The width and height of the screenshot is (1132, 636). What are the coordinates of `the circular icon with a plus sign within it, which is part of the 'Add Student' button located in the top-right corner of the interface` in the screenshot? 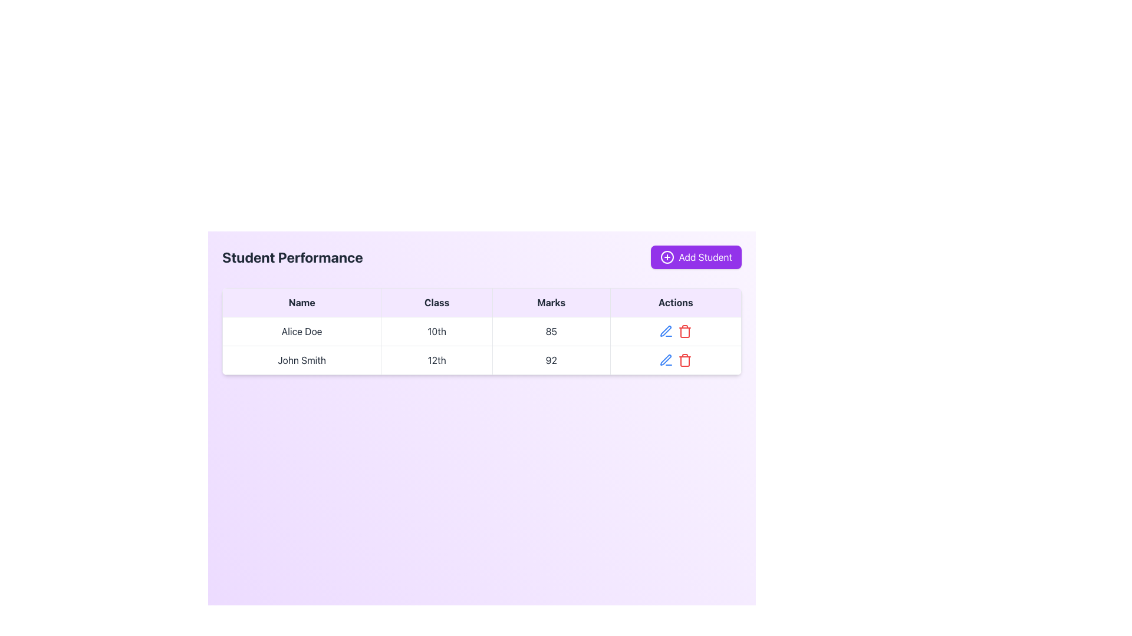 It's located at (667, 256).